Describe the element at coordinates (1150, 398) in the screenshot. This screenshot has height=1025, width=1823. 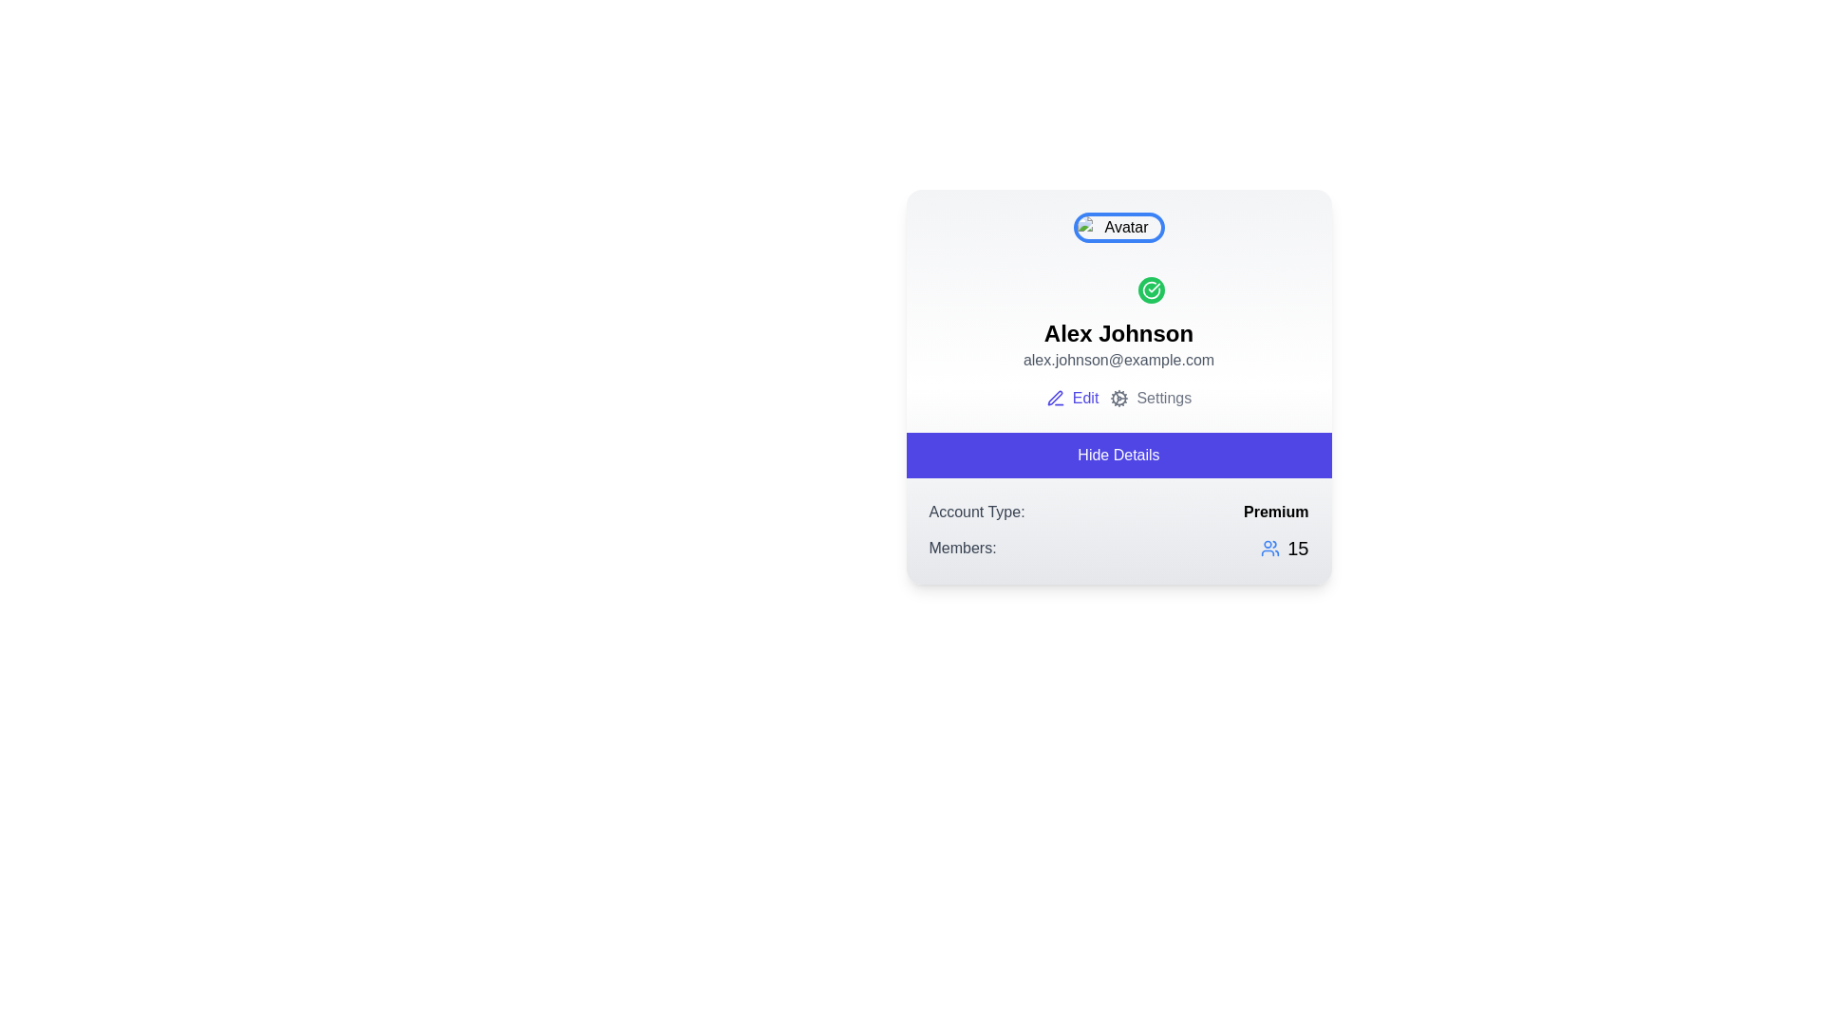
I see `the settings button located beneath the user's name and email, positioned to the right of the 'Edit' option` at that location.